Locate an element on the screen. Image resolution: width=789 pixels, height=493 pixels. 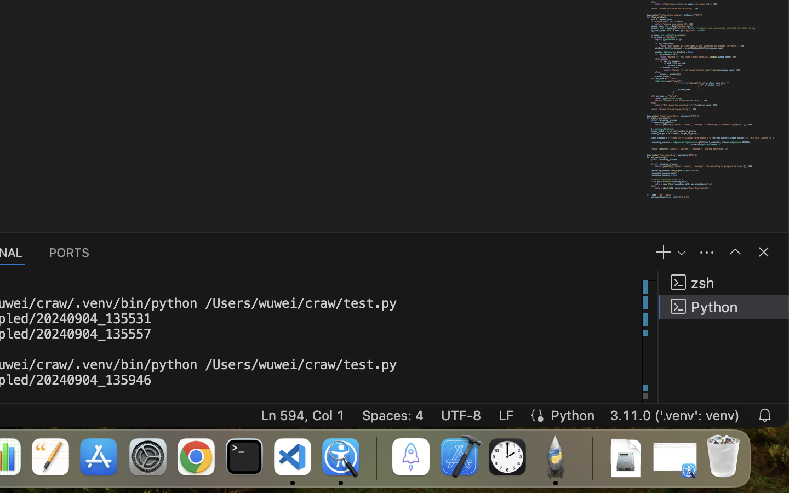
'Python ' is located at coordinates (723, 306).